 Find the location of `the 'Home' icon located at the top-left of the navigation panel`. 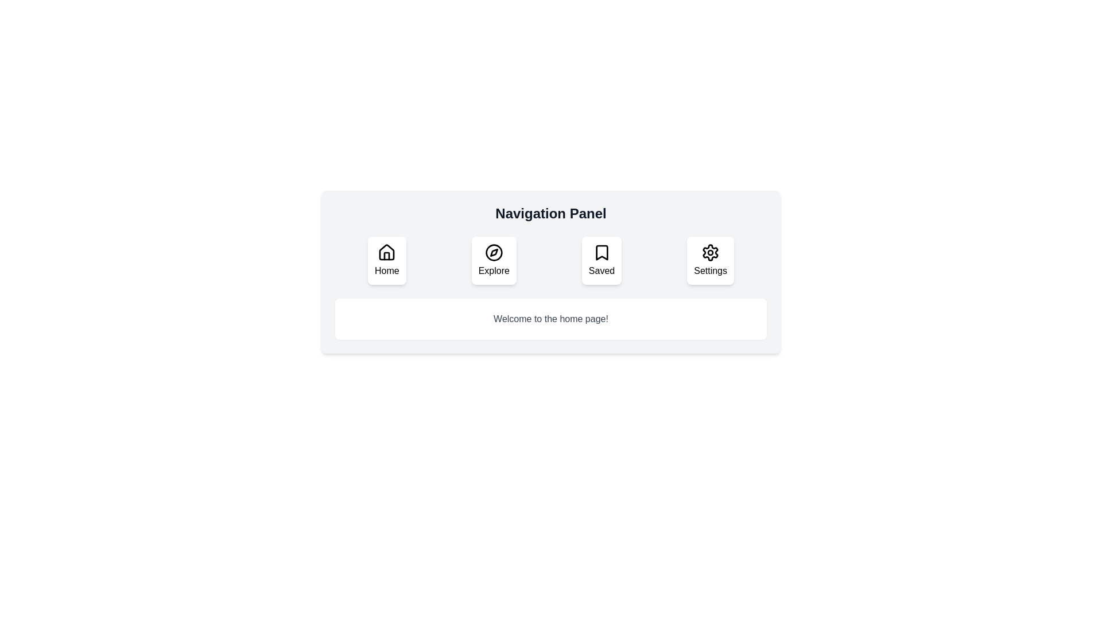

the 'Home' icon located at the top-left of the navigation panel is located at coordinates (387, 252).